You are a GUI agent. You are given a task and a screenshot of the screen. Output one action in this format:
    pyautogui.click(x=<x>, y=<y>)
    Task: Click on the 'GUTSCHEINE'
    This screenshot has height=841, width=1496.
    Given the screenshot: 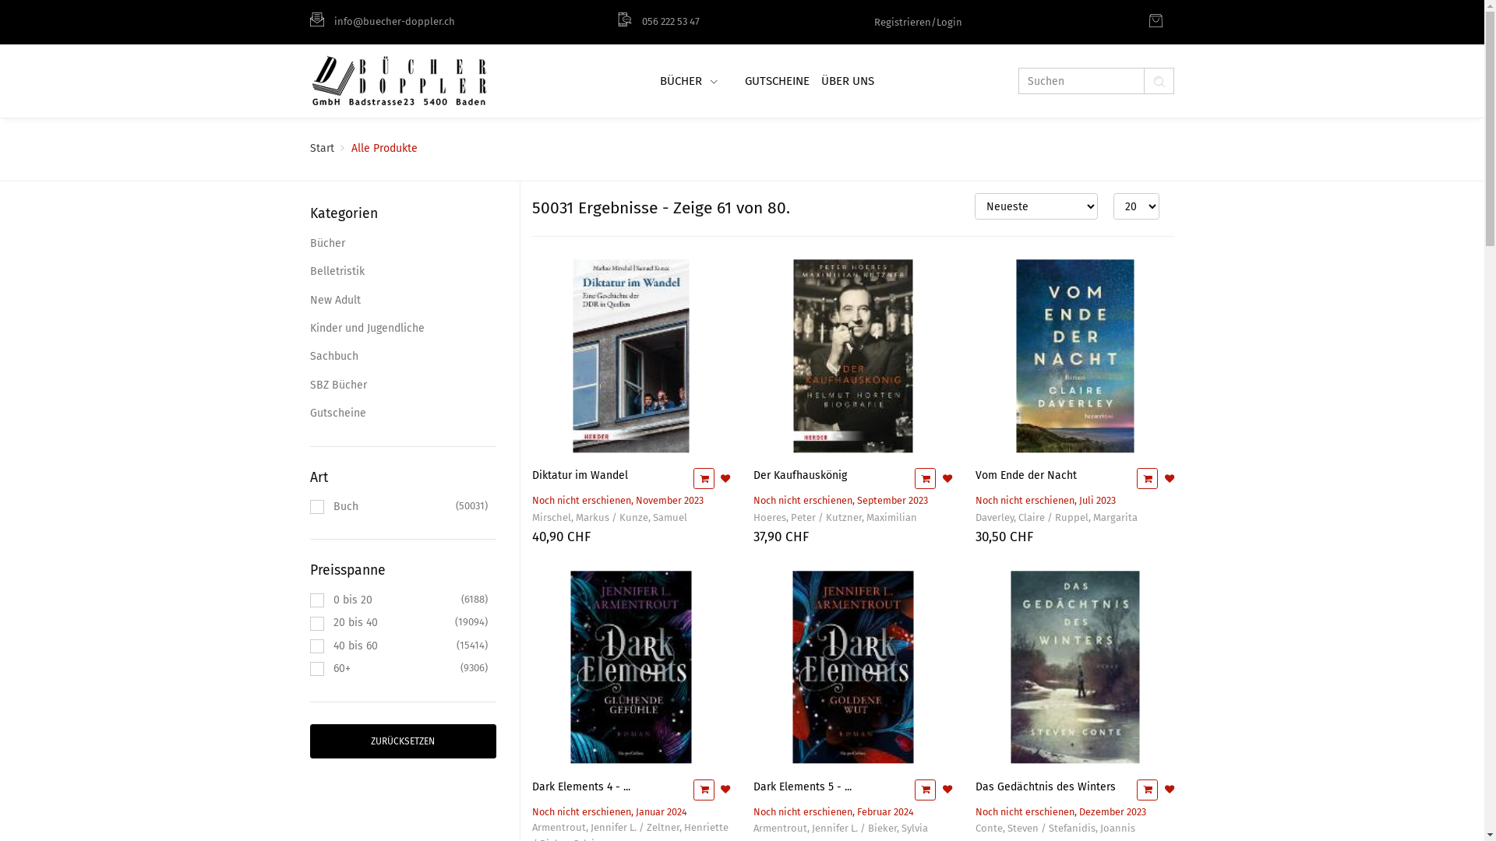 What is the action you would take?
    pyautogui.click(x=774, y=81)
    